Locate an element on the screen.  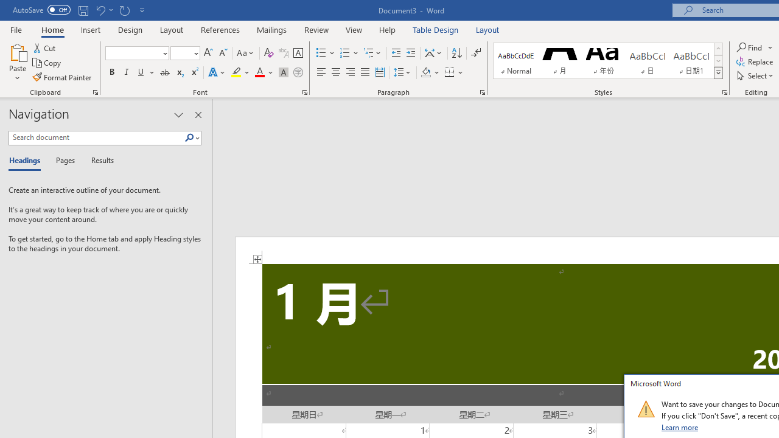
'Row up' is located at coordinates (718, 48).